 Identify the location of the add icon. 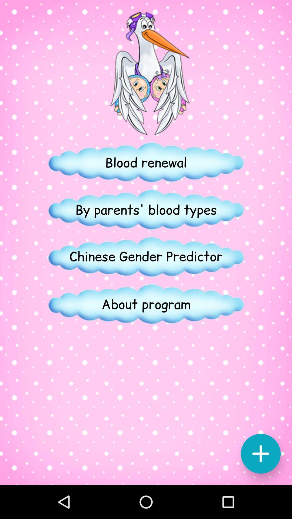
(260, 454).